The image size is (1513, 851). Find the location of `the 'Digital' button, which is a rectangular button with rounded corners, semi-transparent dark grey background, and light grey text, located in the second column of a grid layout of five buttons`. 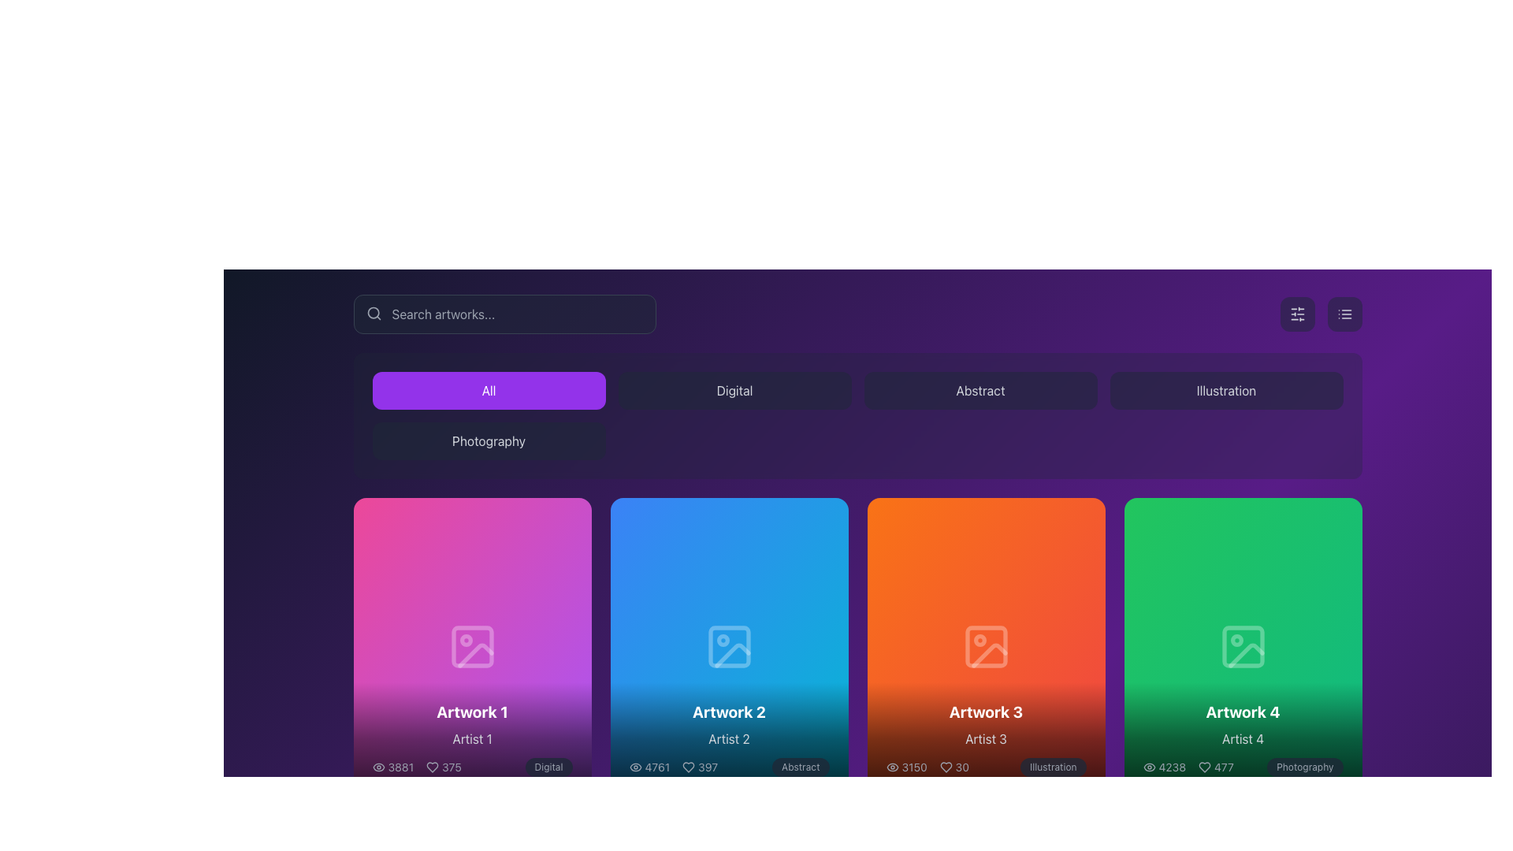

the 'Digital' button, which is a rectangular button with rounded corners, semi-transparent dark grey background, and light grey text, located in the second column of a grid layout of five buttons is located at coordinates (734, 390).